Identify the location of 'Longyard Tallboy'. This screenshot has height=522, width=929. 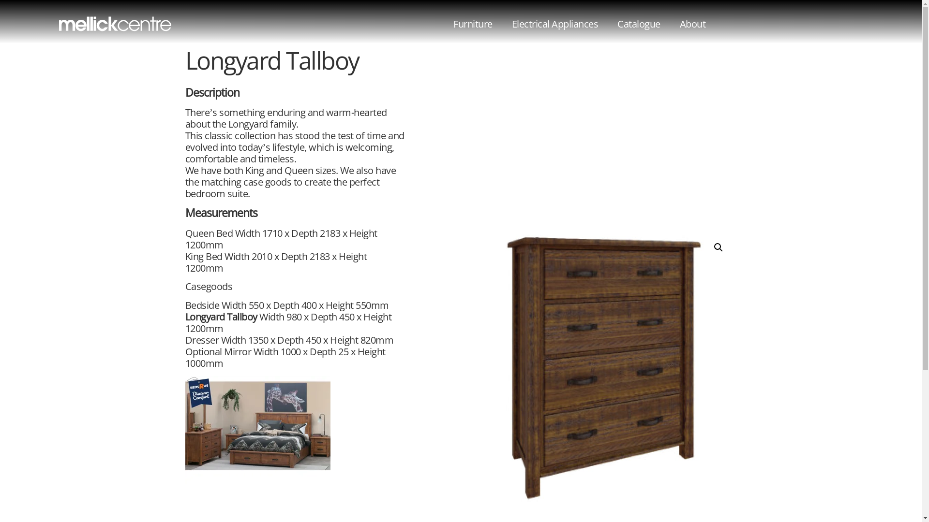
(598, 367).